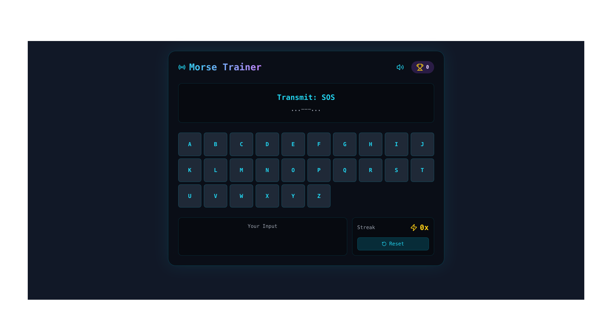 Image resolution: width=592 pixels, height=333 pixels. What do you see at coordinates (306, 109) in the screenshot?
I see `the light gray text label displaying the Morse code sequence '...---...' that is positioned beneath the bold 'Transmit: SOS' label` at bounding box center [306, 109].